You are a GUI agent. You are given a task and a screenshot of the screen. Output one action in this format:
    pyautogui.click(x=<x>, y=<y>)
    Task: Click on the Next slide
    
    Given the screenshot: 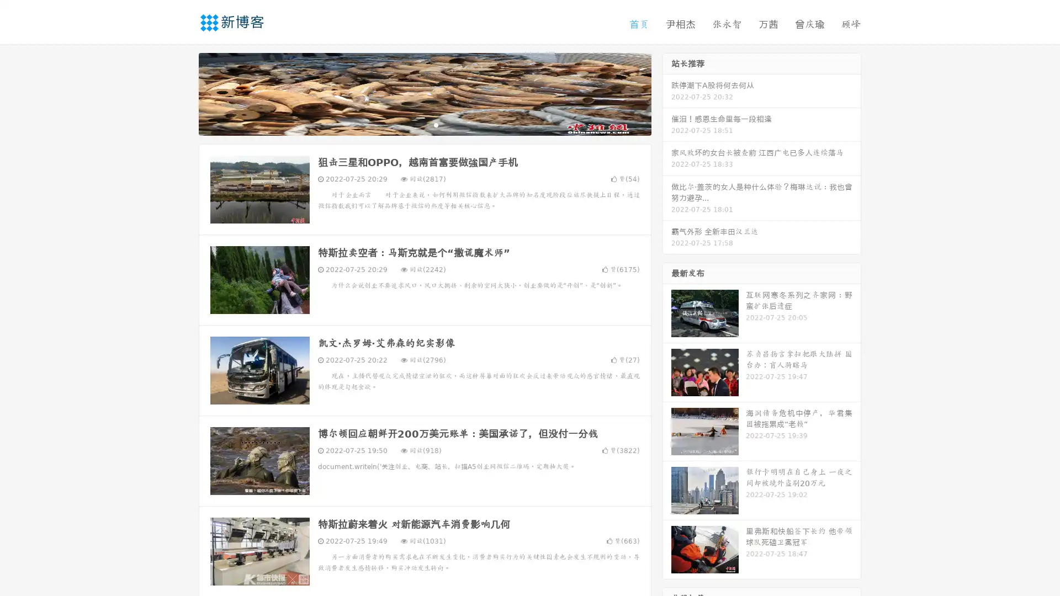 What is the action you would take?
    pyautogui.click(x=667, y=93)
    